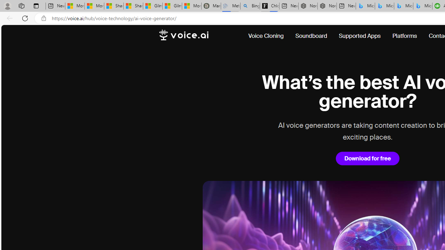 The width and height of the screenshot is (445, 250). Describe the element at coordinates (269, 6) in the screenshot. I see `'Chloe Sorvino'` at that location.